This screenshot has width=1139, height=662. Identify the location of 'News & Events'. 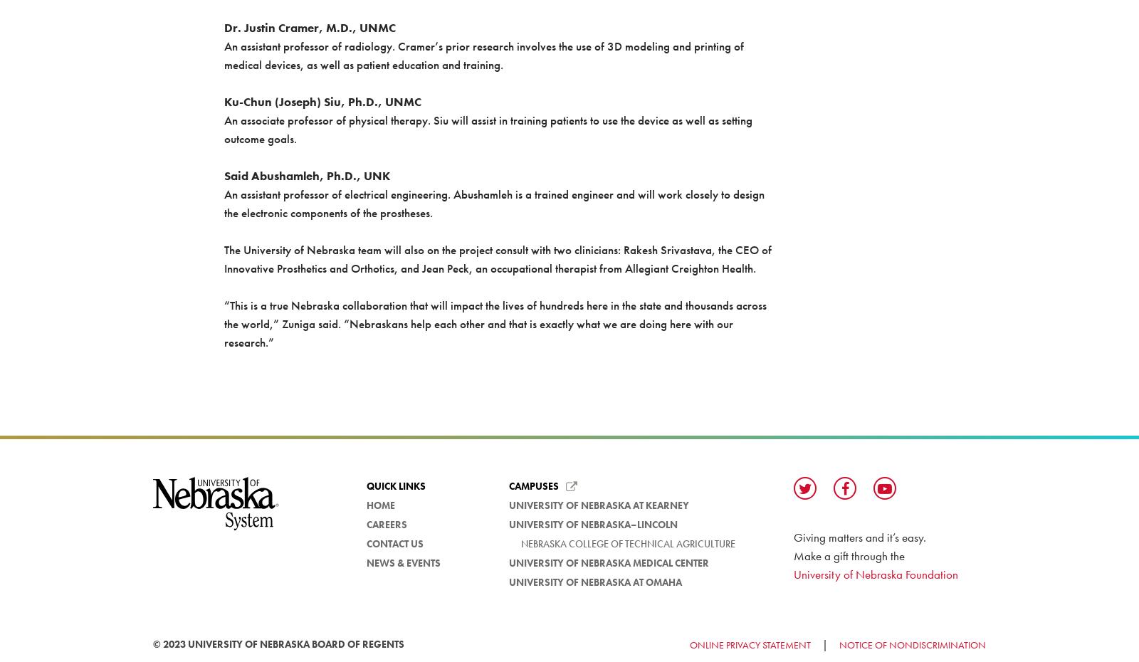
(403, 562).